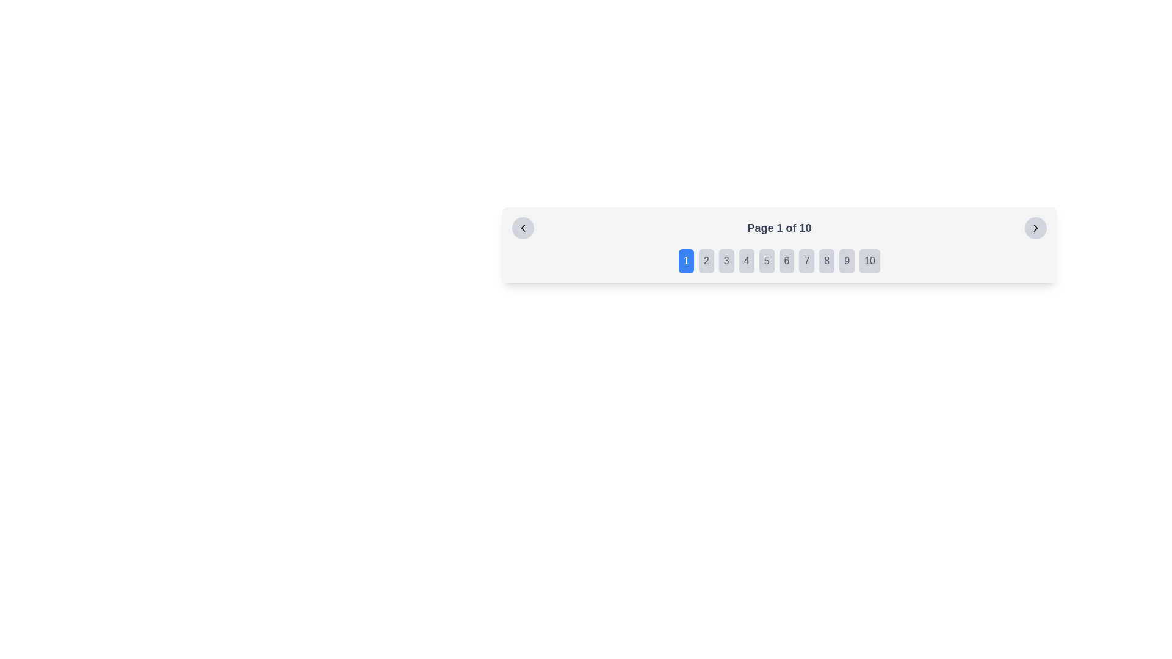 The height and width of the screenshot is (659, 1172). Describe the element at coordinates (787, 261) in the screenshot. I see `the pagination button that allows navigation to page 6, which is centrally aligned in the navigation bar` at that location.